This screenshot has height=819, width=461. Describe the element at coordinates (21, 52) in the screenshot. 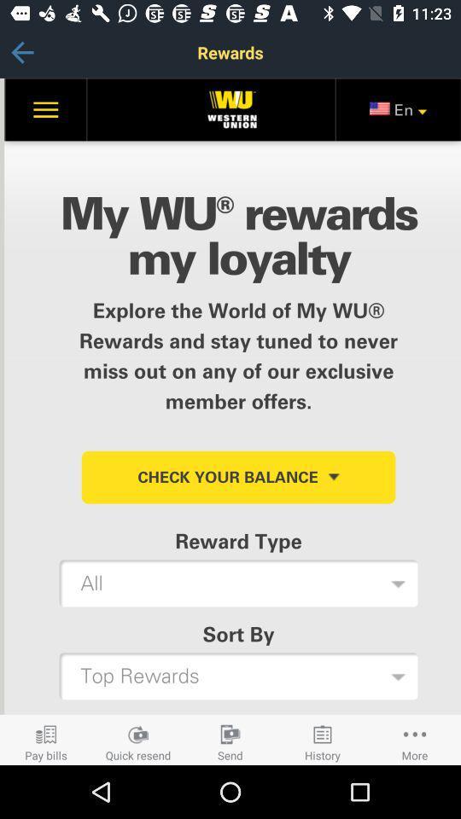

I see `back` at that location.